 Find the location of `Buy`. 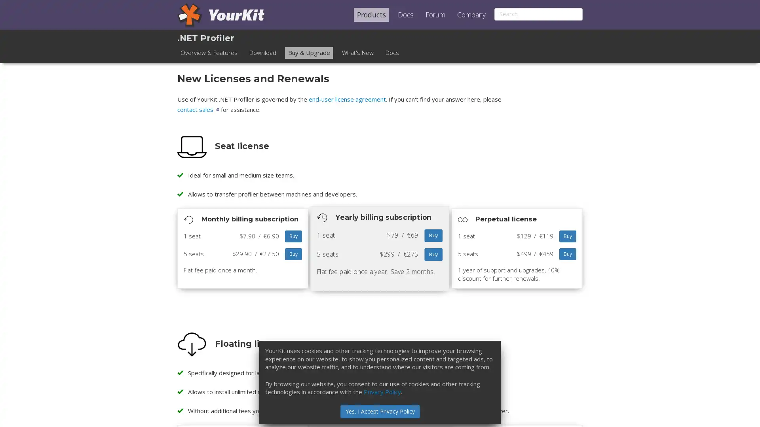

Buy is located at coordinates (293, 254).